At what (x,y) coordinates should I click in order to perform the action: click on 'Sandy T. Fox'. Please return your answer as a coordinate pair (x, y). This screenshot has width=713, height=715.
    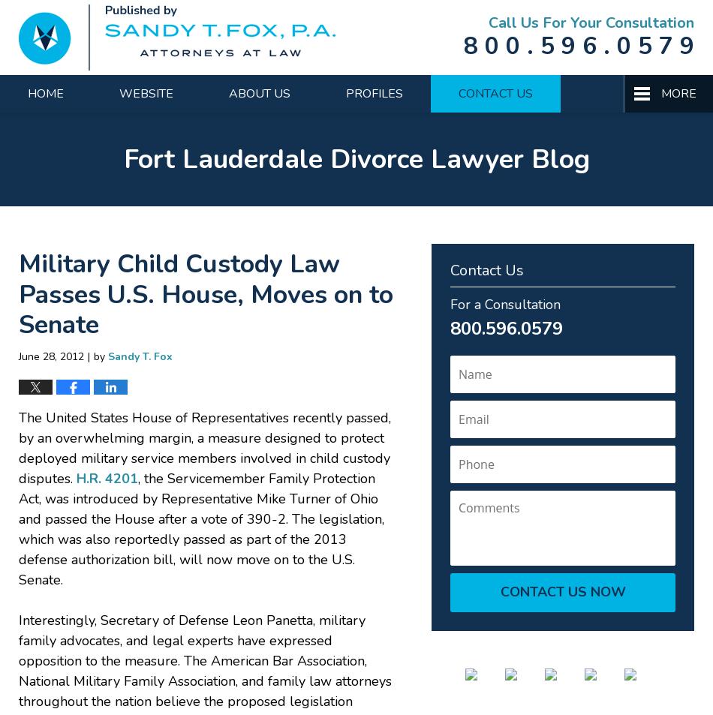
    Looking at the image, I should click on (108, 355).